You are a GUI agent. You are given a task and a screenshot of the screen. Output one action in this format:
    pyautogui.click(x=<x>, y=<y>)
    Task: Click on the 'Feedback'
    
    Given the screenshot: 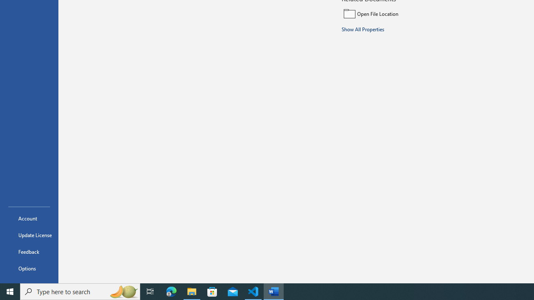 What is the action you would take?
    pyautogui.click(x=29, y=251)
    